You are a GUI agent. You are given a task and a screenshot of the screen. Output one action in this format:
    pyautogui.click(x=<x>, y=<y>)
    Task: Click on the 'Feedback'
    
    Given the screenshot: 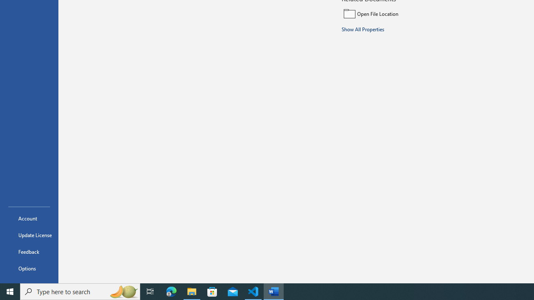 What is the action you would take?
    pyautogui.click(x=29, y=251)
    